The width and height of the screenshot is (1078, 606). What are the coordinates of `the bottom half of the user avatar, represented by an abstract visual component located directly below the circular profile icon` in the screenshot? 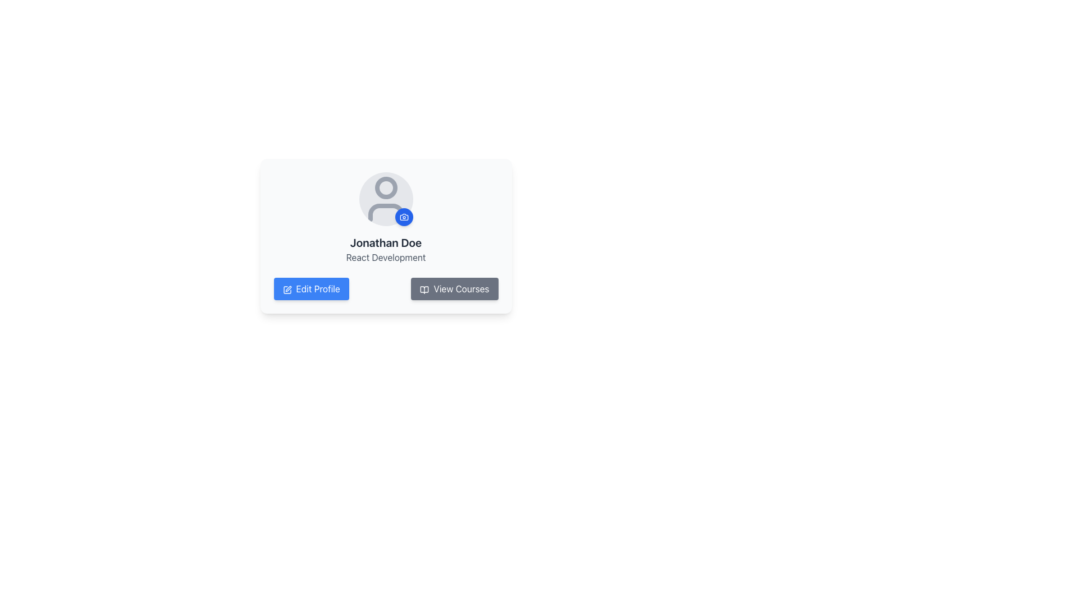 It's located at (386, 212).